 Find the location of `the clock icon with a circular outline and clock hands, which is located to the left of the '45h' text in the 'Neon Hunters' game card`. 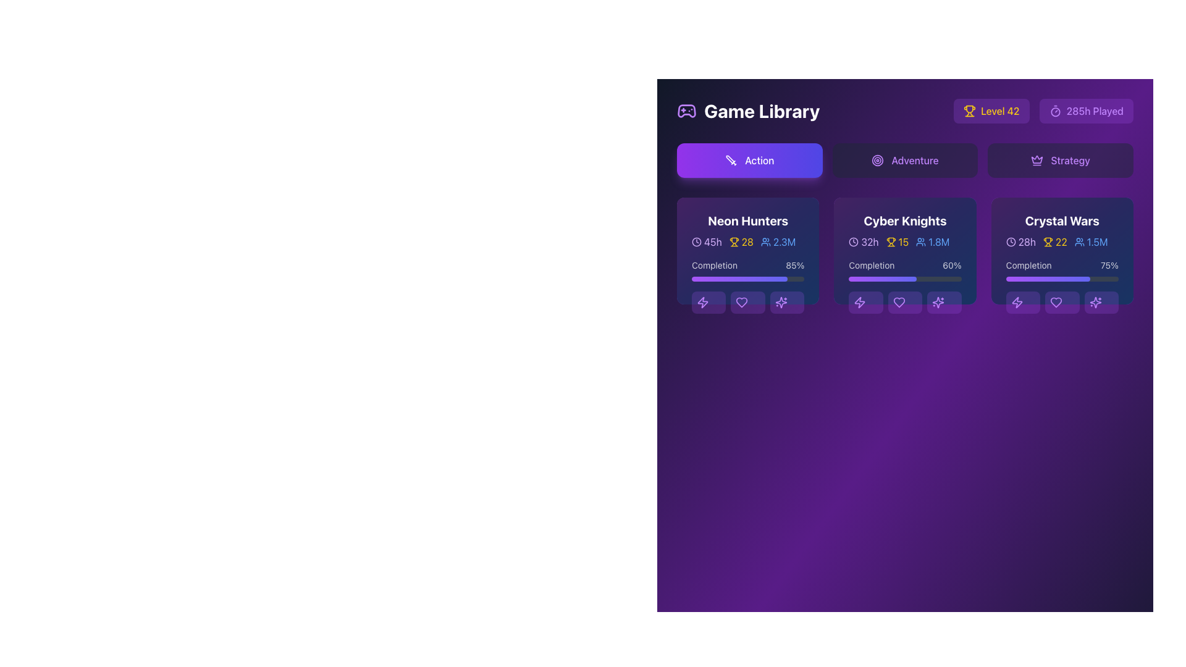

the clock icon with a circular outline and clock hands, which is located to the left of the '45h' text in the 'Neon Hunters' game card is located at coordinates (697, 242).